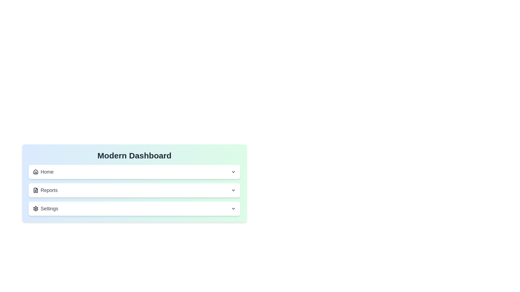 This screenshot has width=520, height=292. I want to click on the 'Reports' navigational menu option to trigger tooltip or highlight effects, so click(134, 190).